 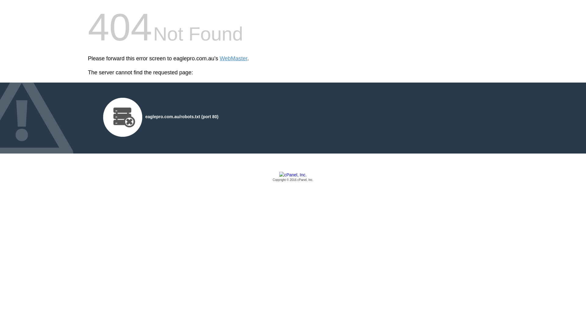 I want to click on 'WebMaster', so click(x=233, y=58).